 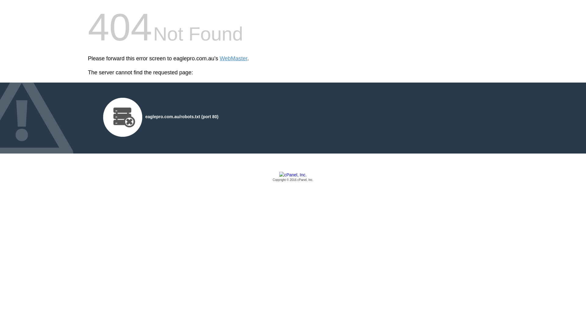 I want to click on 'WebMaster', so click(x=233, y=58).